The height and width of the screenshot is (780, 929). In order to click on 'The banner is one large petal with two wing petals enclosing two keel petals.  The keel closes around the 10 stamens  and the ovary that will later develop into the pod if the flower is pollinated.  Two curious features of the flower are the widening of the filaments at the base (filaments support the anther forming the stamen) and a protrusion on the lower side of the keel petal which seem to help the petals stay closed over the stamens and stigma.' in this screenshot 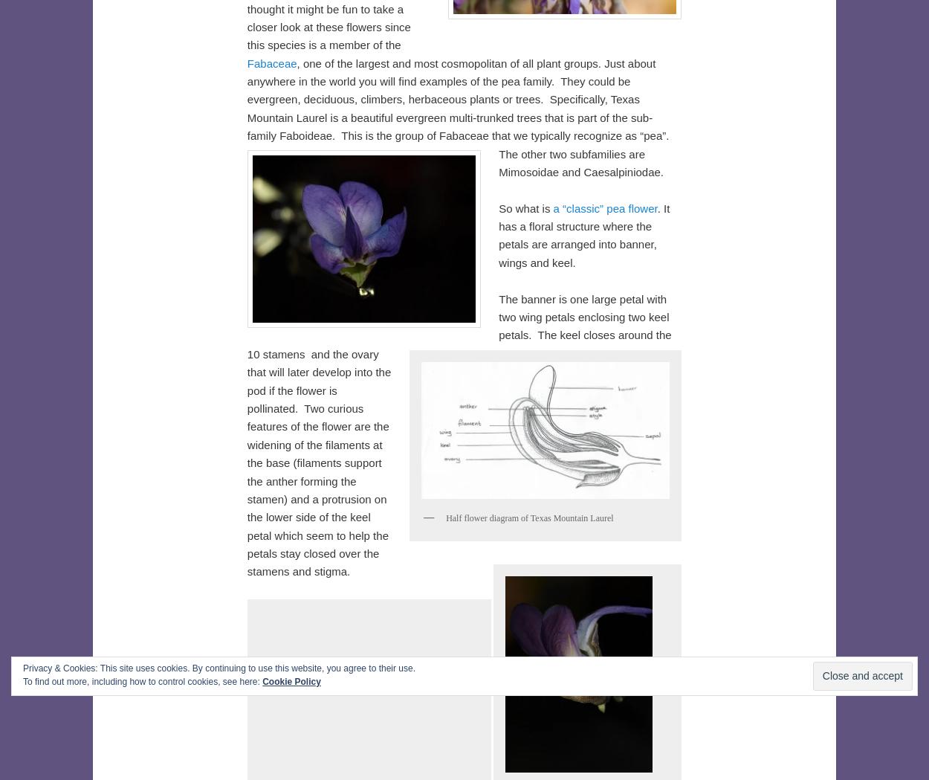, I will do `click(458, 434)`.